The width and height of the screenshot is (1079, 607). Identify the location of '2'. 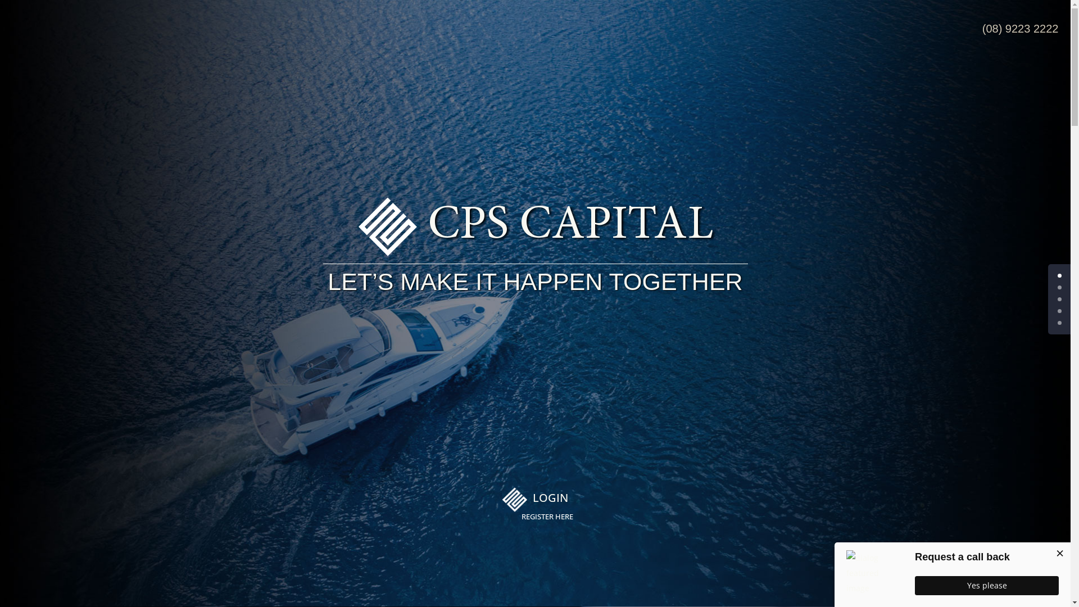
(1059, 298).